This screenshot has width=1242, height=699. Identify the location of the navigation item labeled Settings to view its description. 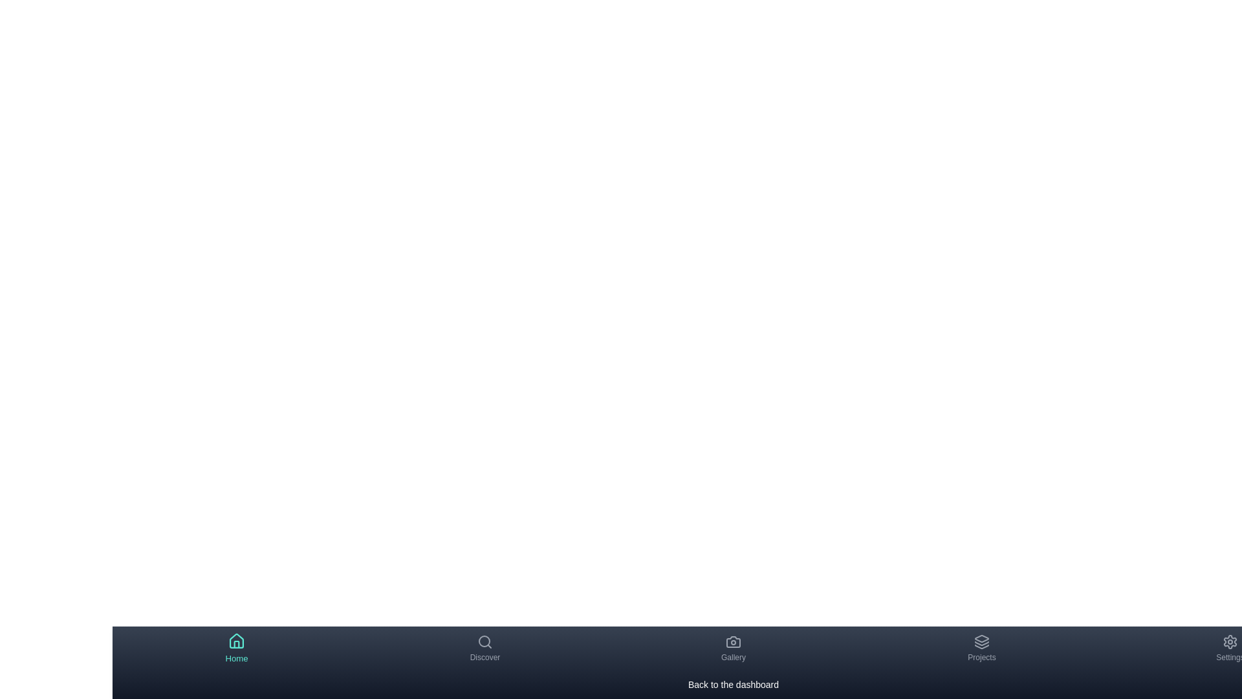
(1229, 649).